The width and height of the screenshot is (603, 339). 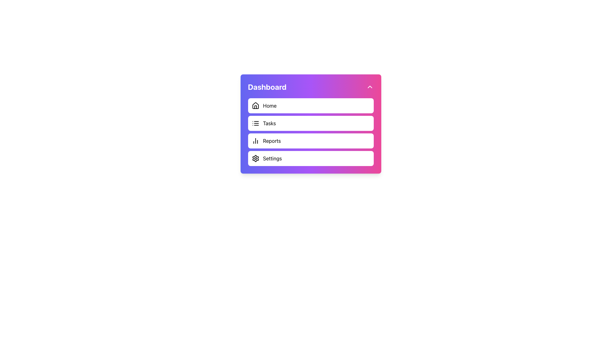 What do you see at coordinates (255, 123) in the screenshot?
I see `the decorative graphic icon representing a list, which is located to the immediate left of the text label 'Tasks' in the second entry of the vertical sidebar menu on the dashboard interface` at bounding box center [255, 123].